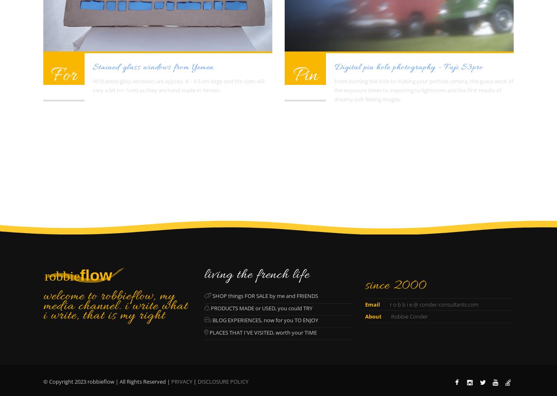 This screenshot has width=557, height=396. What do you see at coordinates (389, 316) in the screenshot?
I see `'Robbie Conder'` at bounding box center [389, 316].